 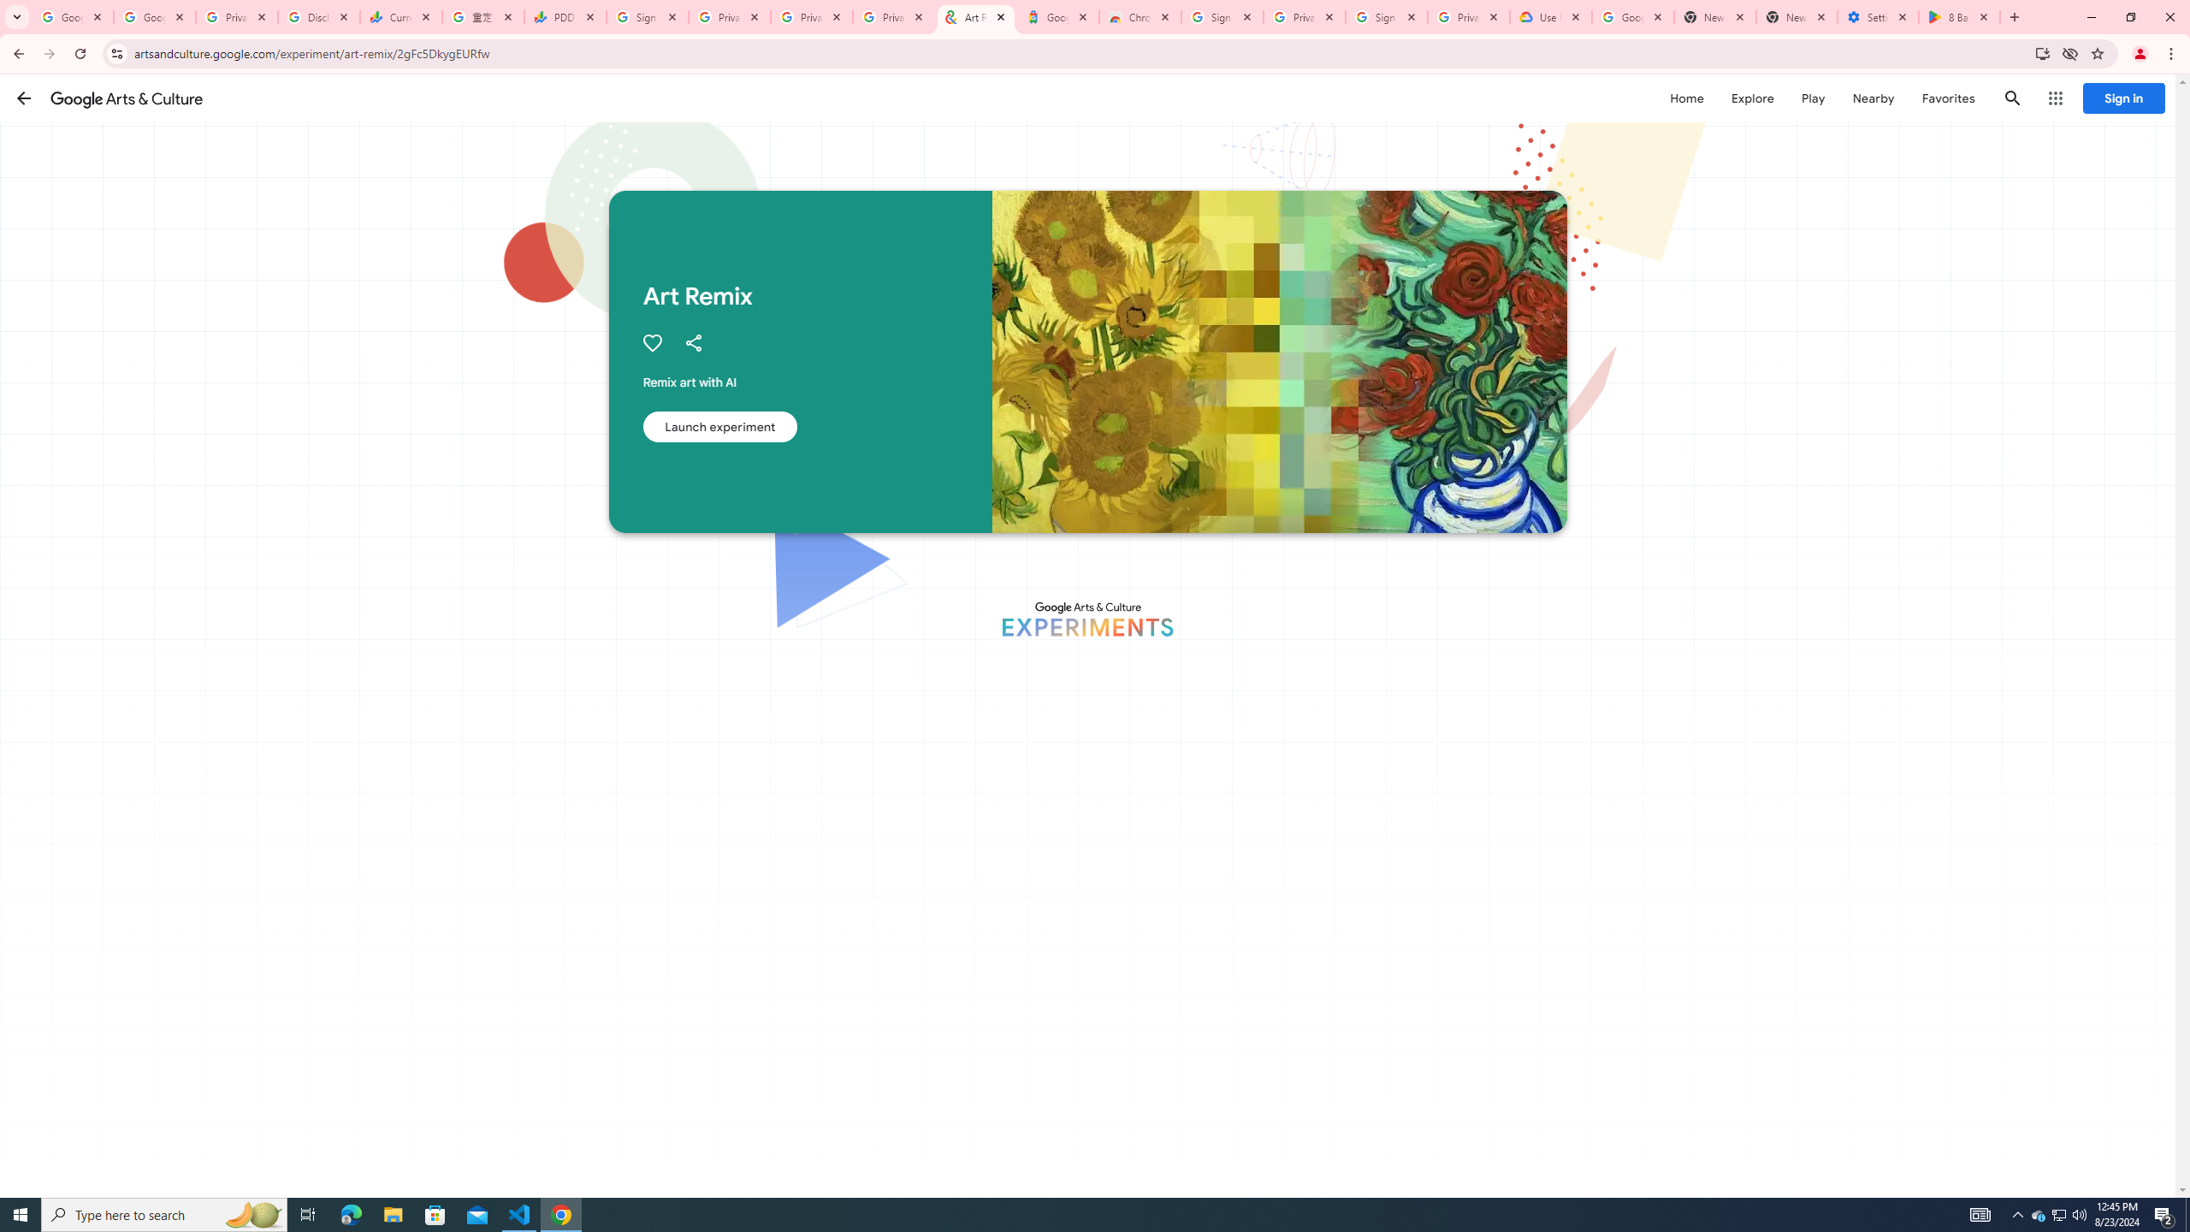 I want to click on '8 Ball Pool - Apps on Google Play', so click(x=1959, y=16).